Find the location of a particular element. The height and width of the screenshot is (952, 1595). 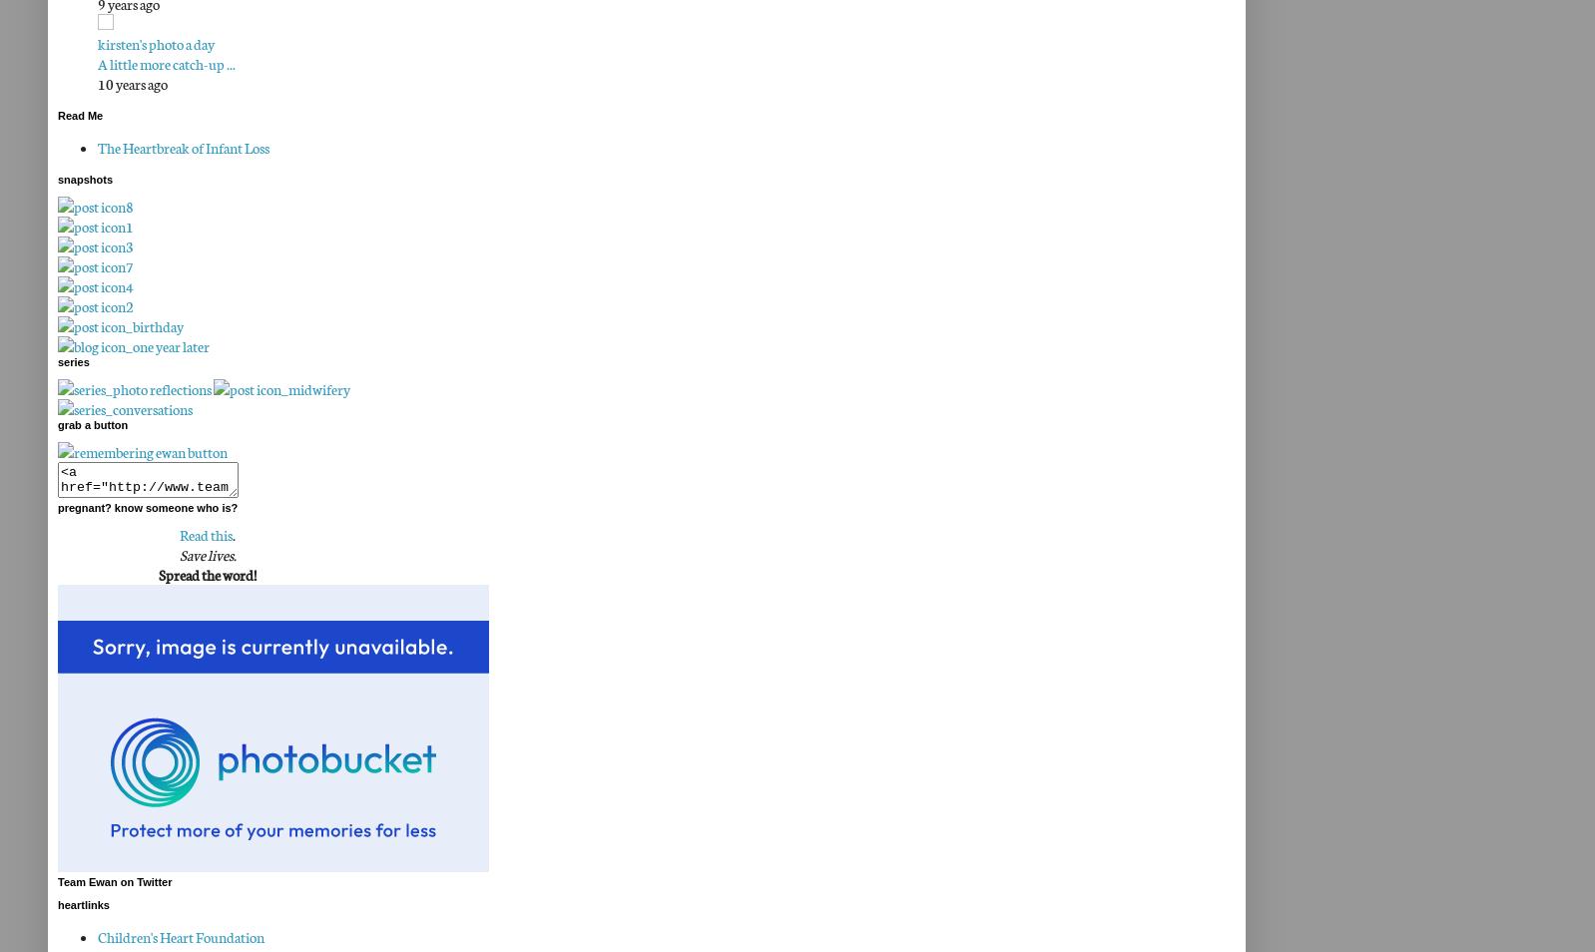

'Team Ewan on Twitter' is located at coordinates (57, 881).